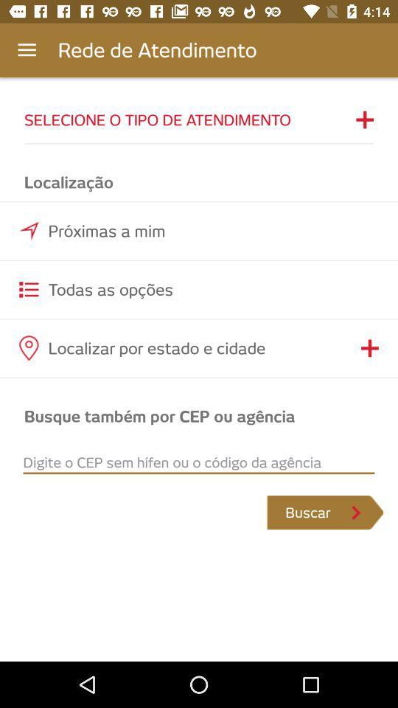 This screenshot has height=708, width=398. What do you see at coordinates (27, 50) in the screenshot?
I see `app next to the rede de atendimento app` at bounding box center [27, 50].